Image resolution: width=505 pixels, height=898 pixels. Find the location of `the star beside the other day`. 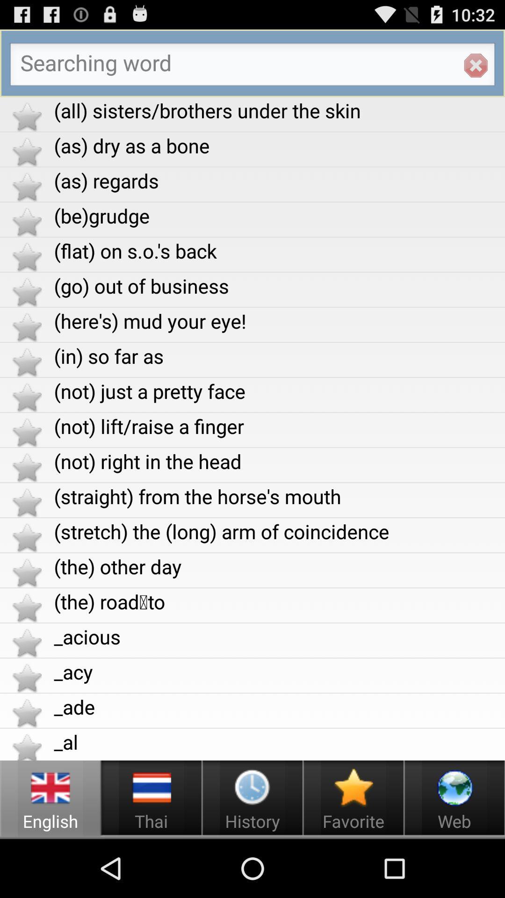

the star beside the other day is located at coordinates (26, 572).